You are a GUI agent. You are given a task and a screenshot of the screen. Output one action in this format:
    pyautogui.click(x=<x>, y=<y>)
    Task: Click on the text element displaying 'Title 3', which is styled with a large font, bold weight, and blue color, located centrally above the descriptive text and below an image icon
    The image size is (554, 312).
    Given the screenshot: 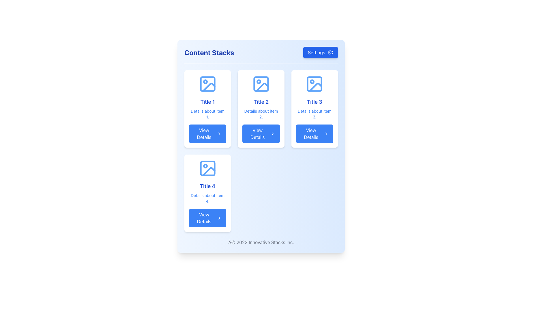 What is the action you would take?
    pyautogui.click(x=314, y=102)
    